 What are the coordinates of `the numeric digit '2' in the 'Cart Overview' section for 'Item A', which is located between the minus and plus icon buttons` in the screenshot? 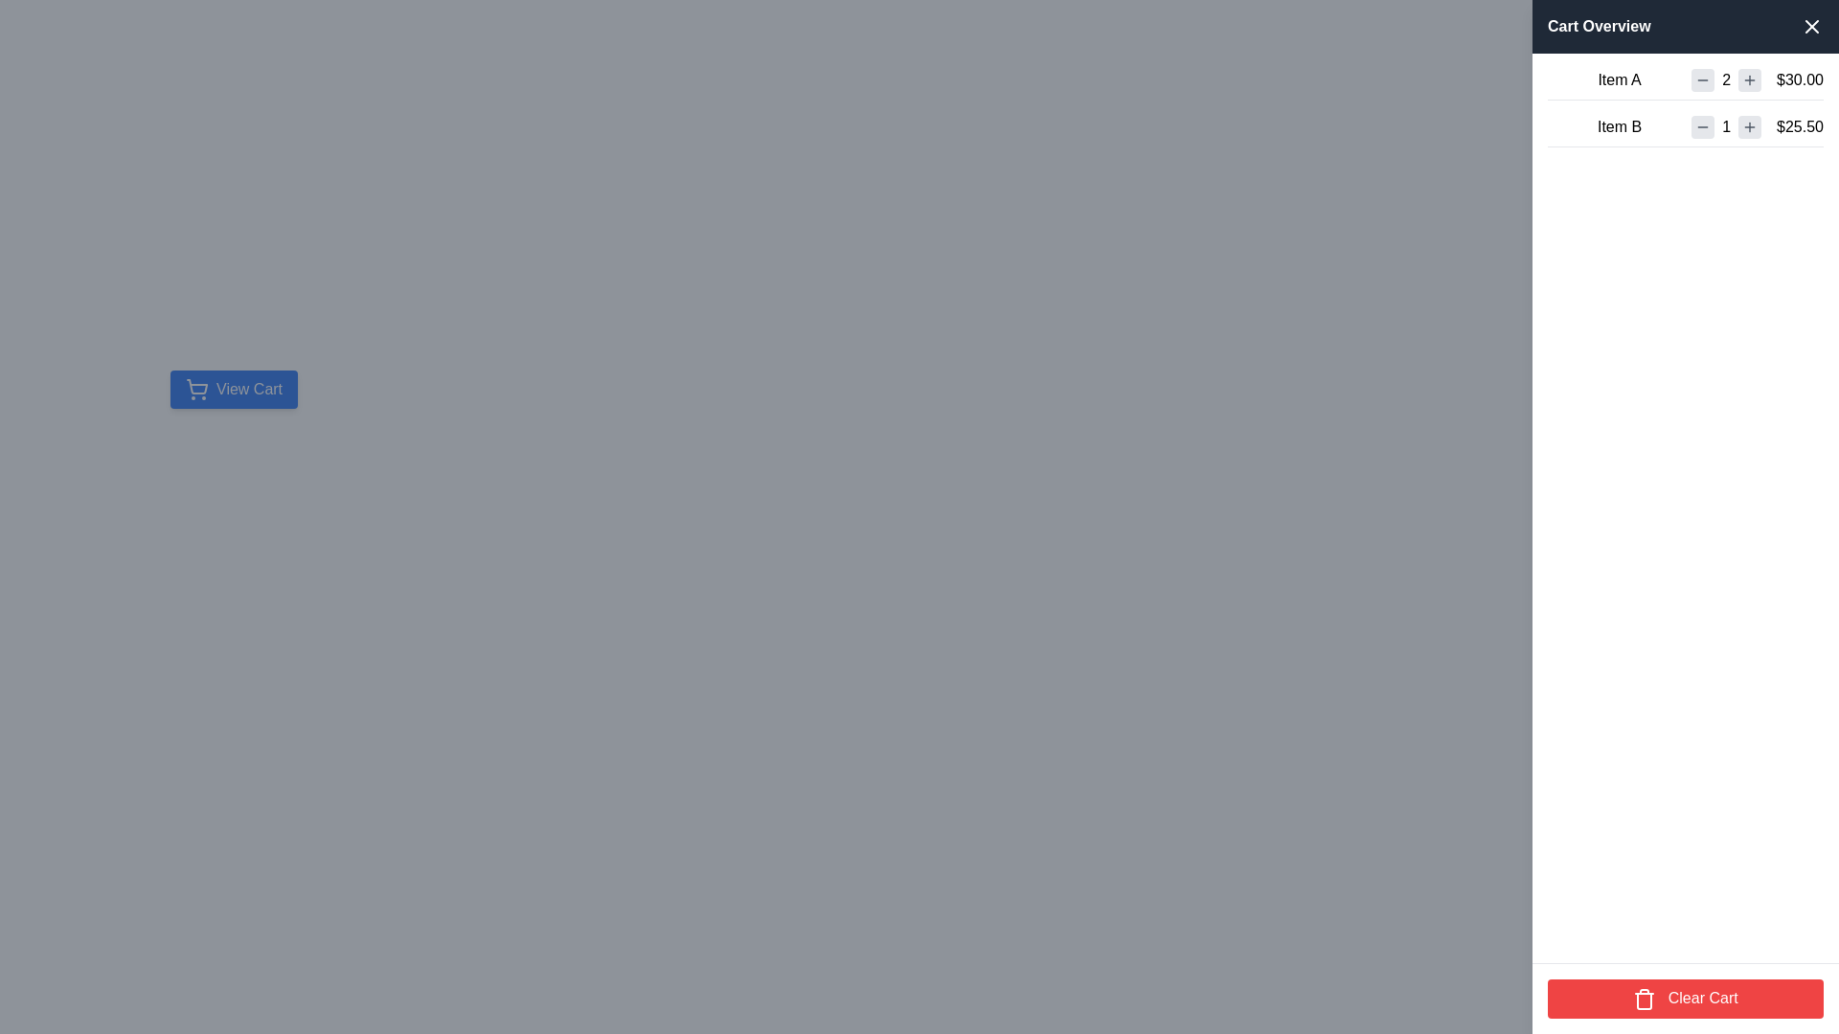 It's located at (1726, 79).